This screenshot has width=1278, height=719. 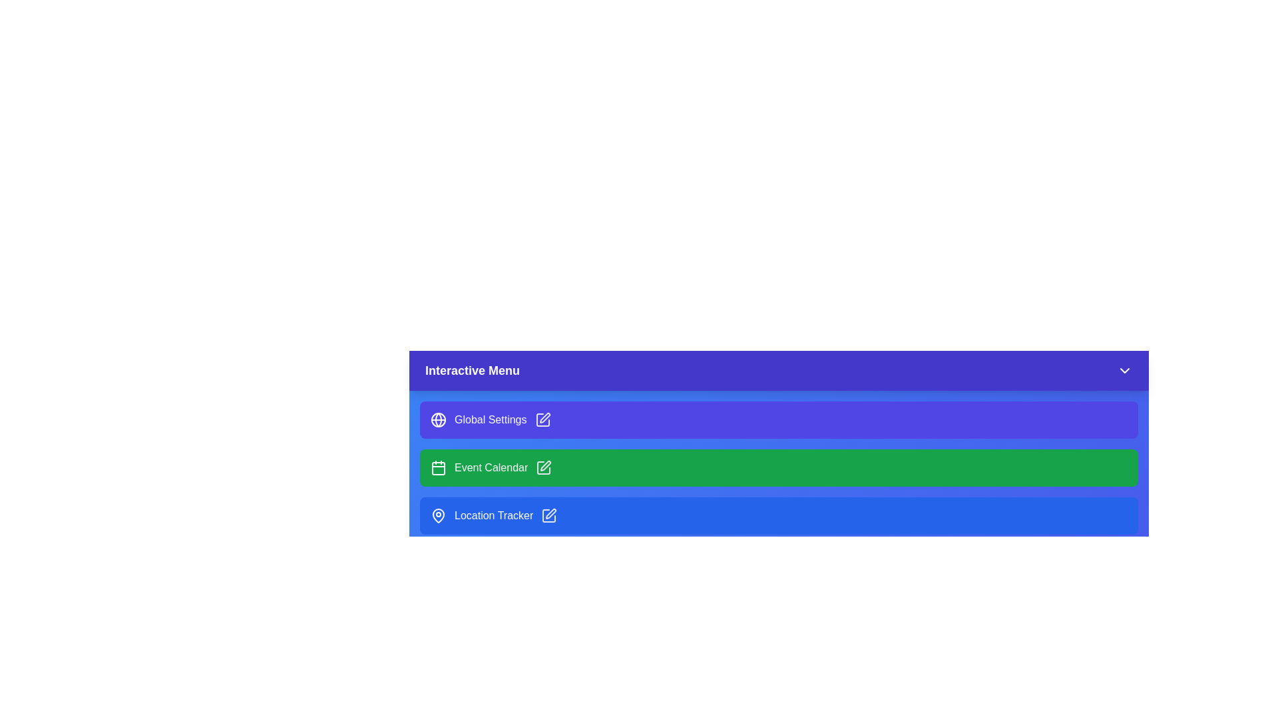 I want to click on the menu item Global Settings to observe visual feedback, so click(x=779, y=420).